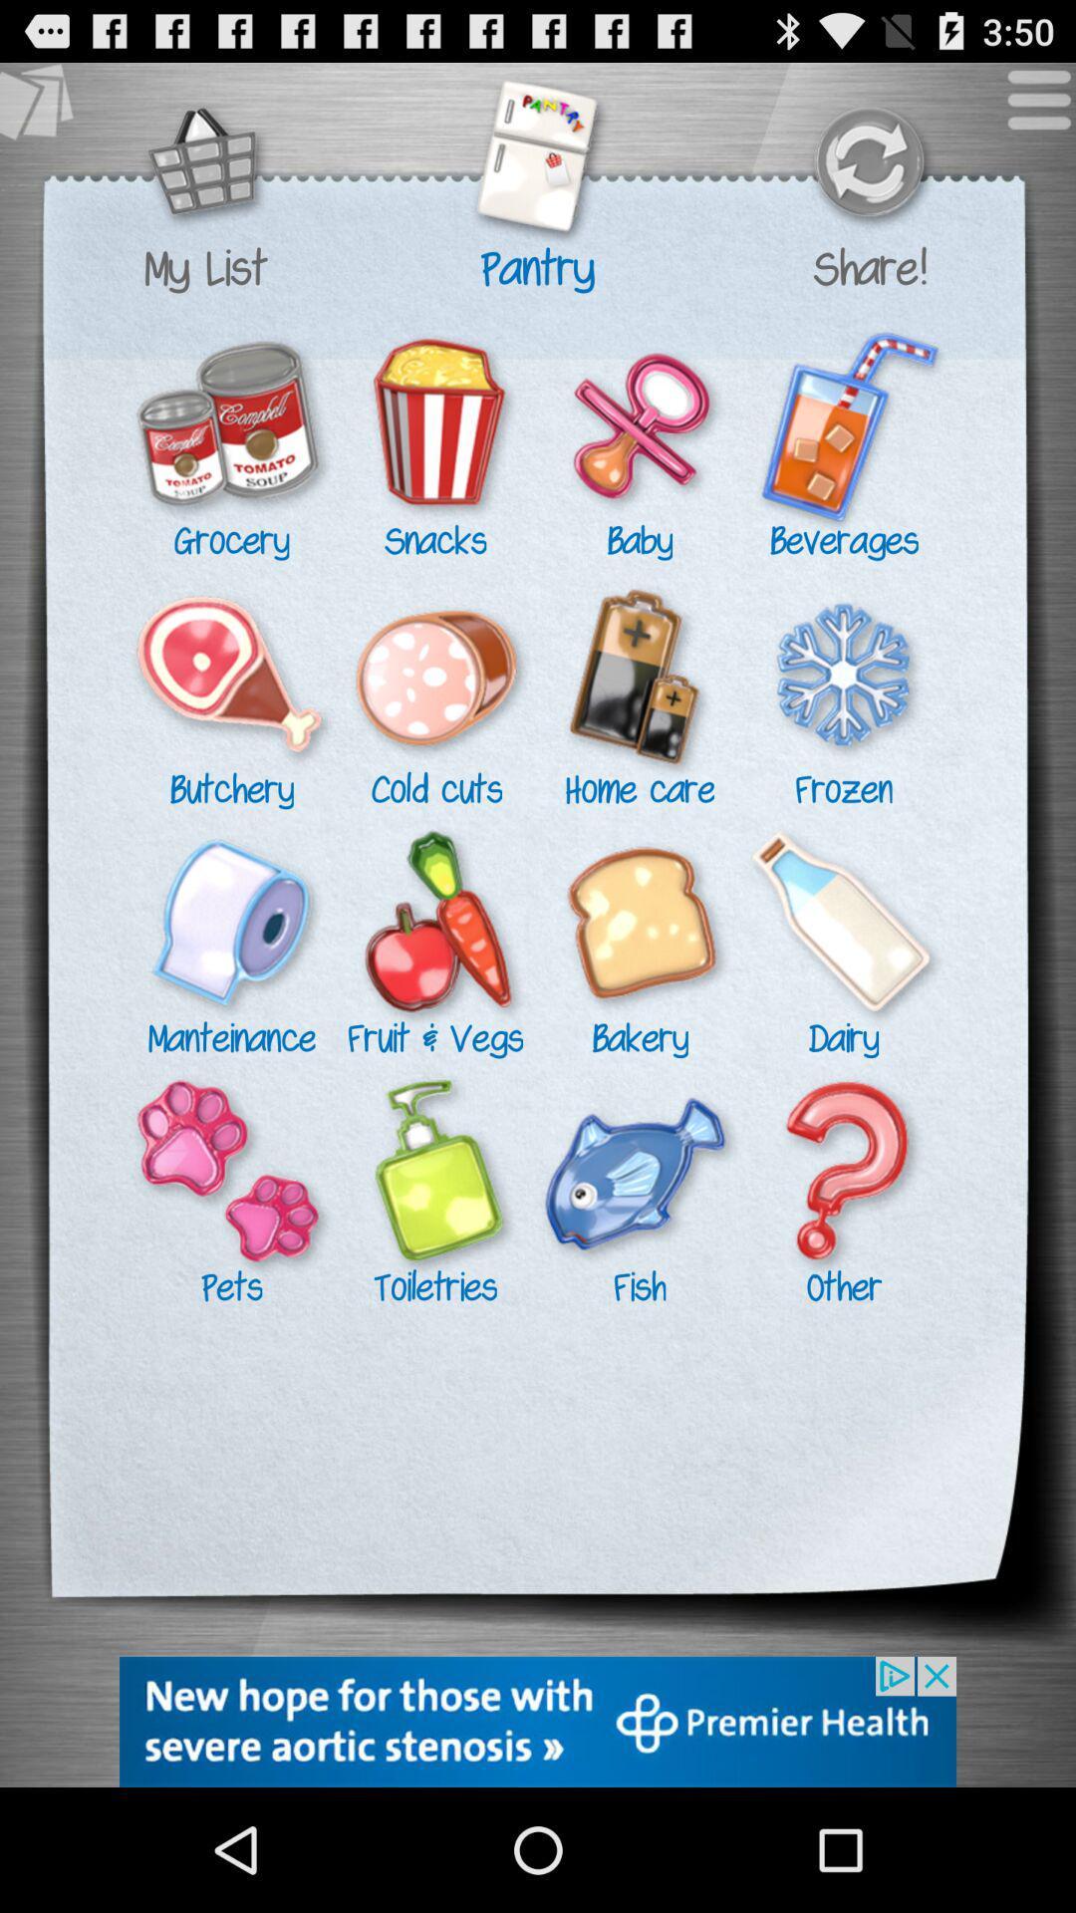  What do you see at coordinates (868, 176) in the screenshot?
I see `the refresh icon` at bounding box center [868, 176].